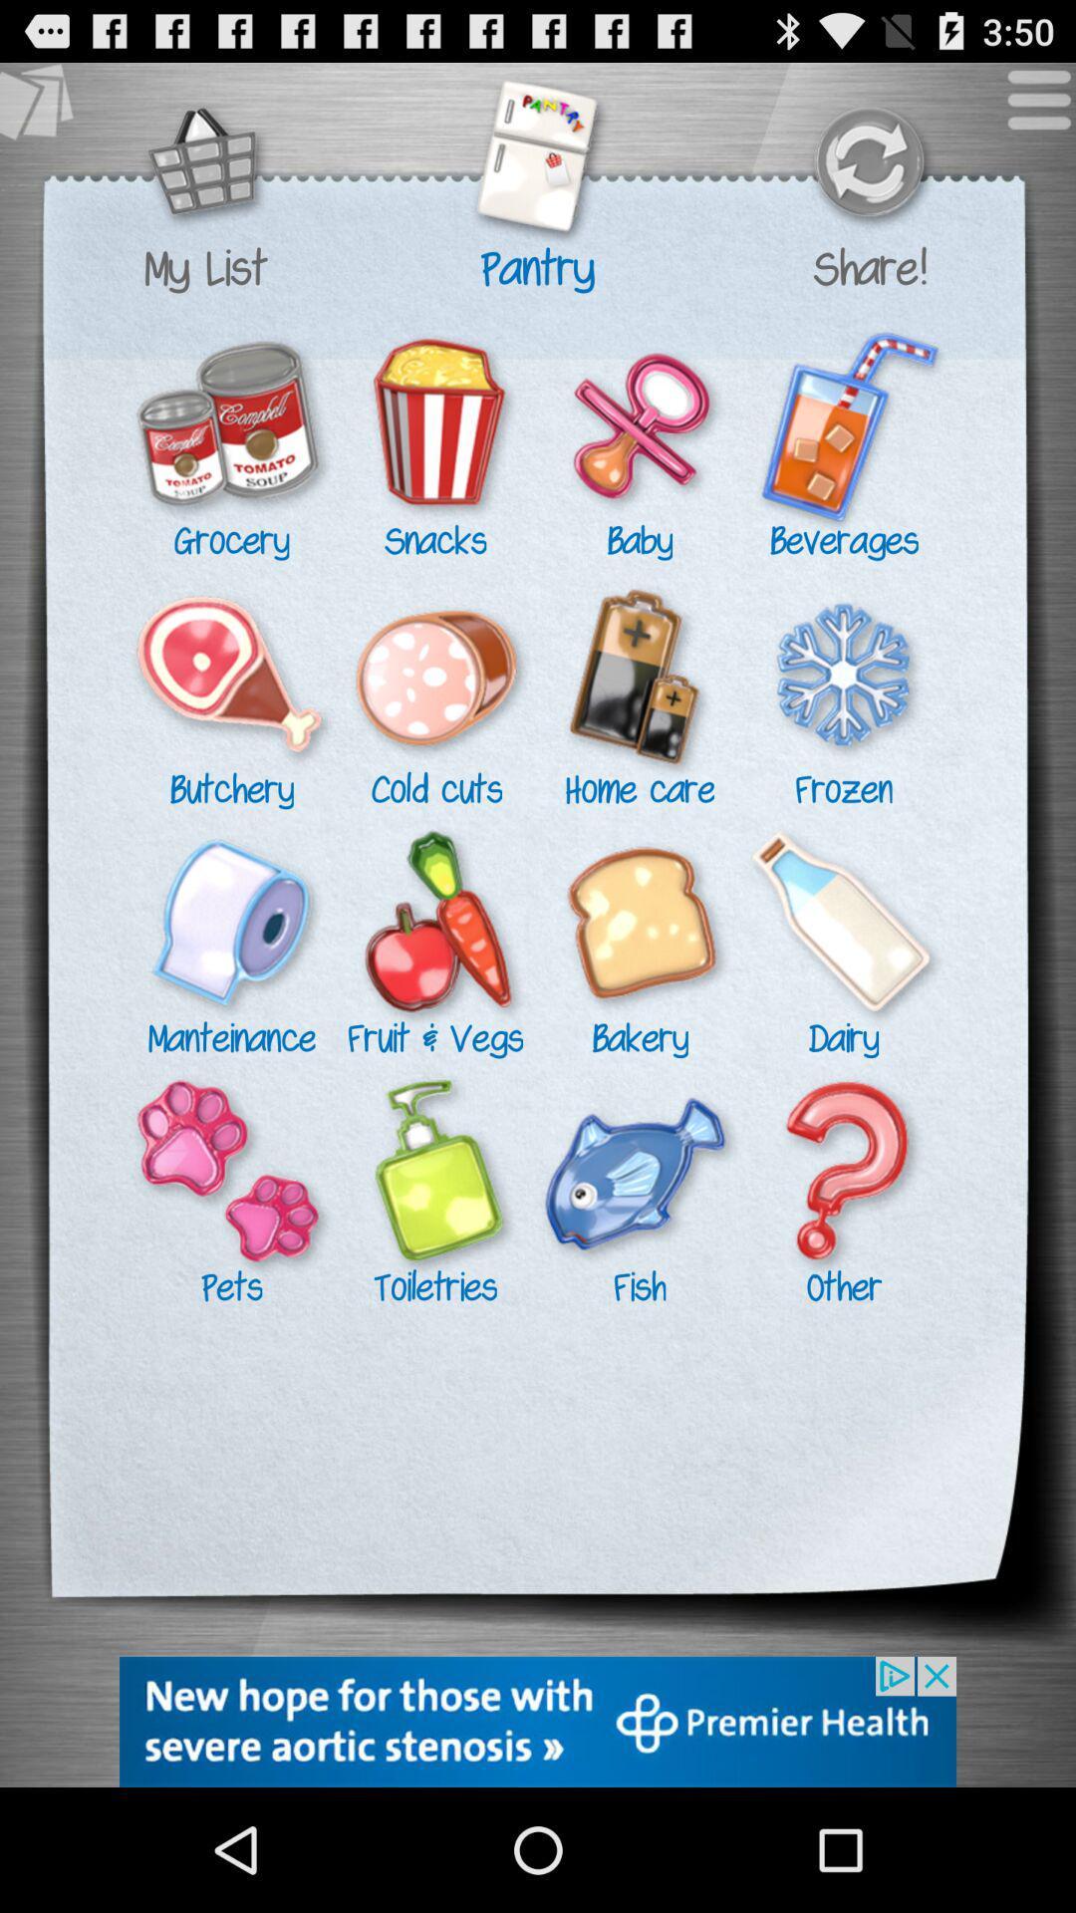  What do you see at coordinates (868, 176) in the screenshot?
I see `the refresh icon` at bounding box center [868, 176].